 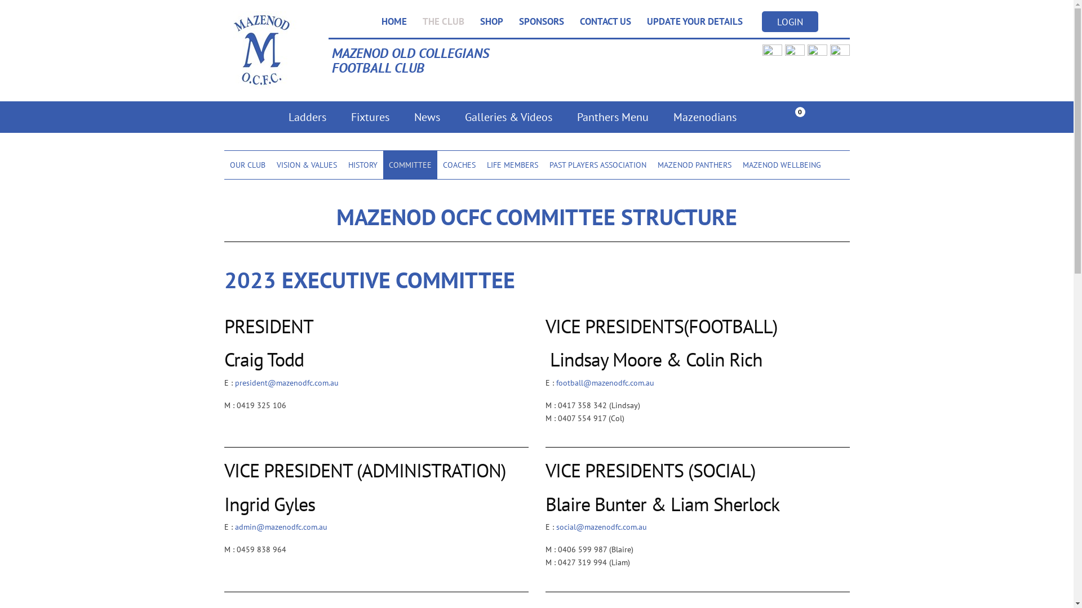 I want to click on 'MAZENOD WELLBEING', so click(x=781, y=165).